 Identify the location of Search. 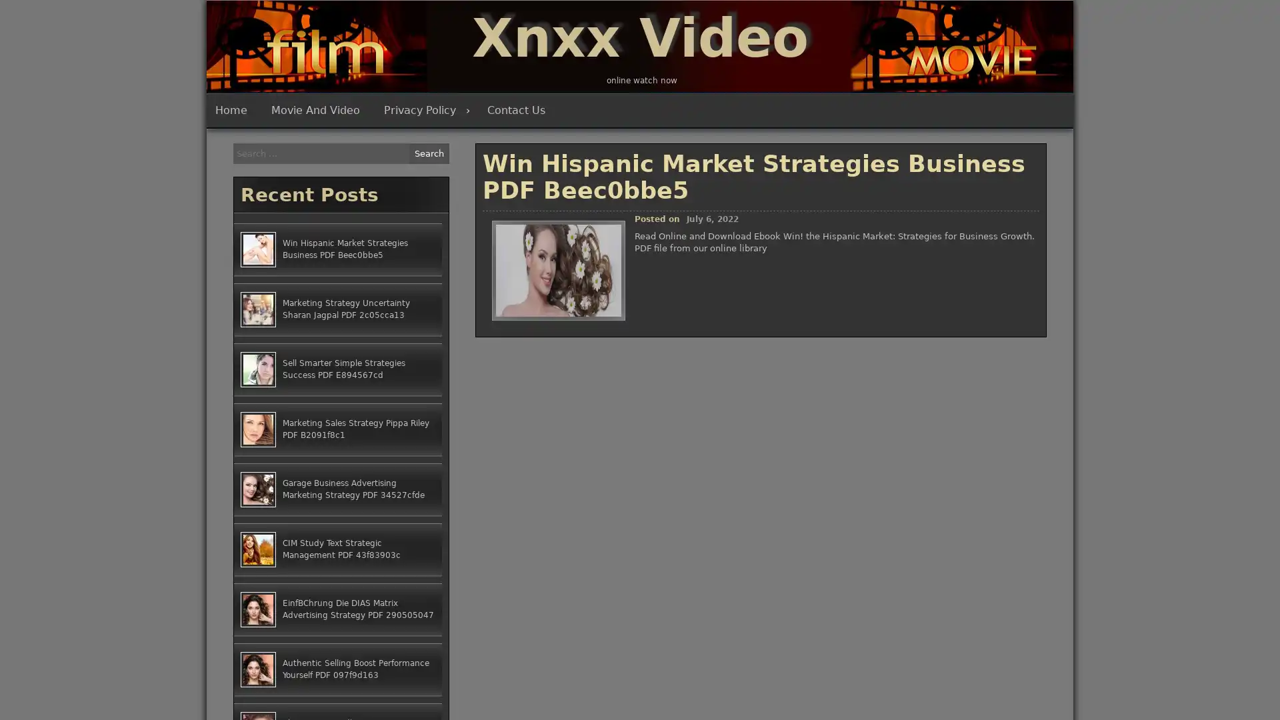
(429, 153).